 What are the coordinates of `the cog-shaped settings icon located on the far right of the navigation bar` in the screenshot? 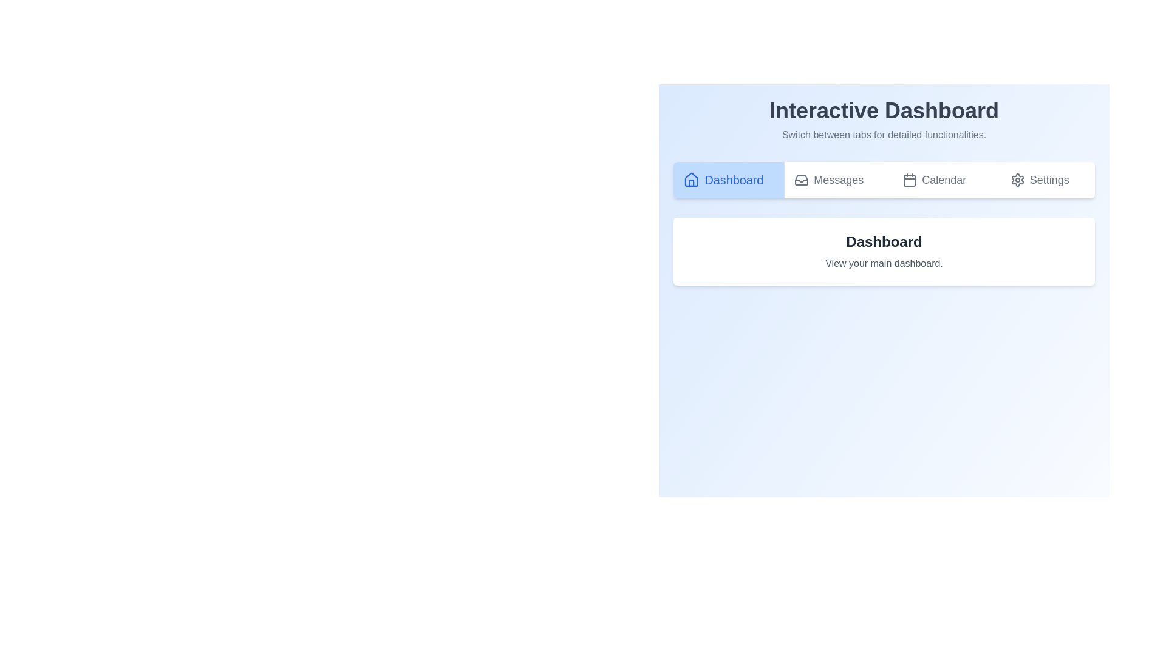 It's located at (1017, 180).